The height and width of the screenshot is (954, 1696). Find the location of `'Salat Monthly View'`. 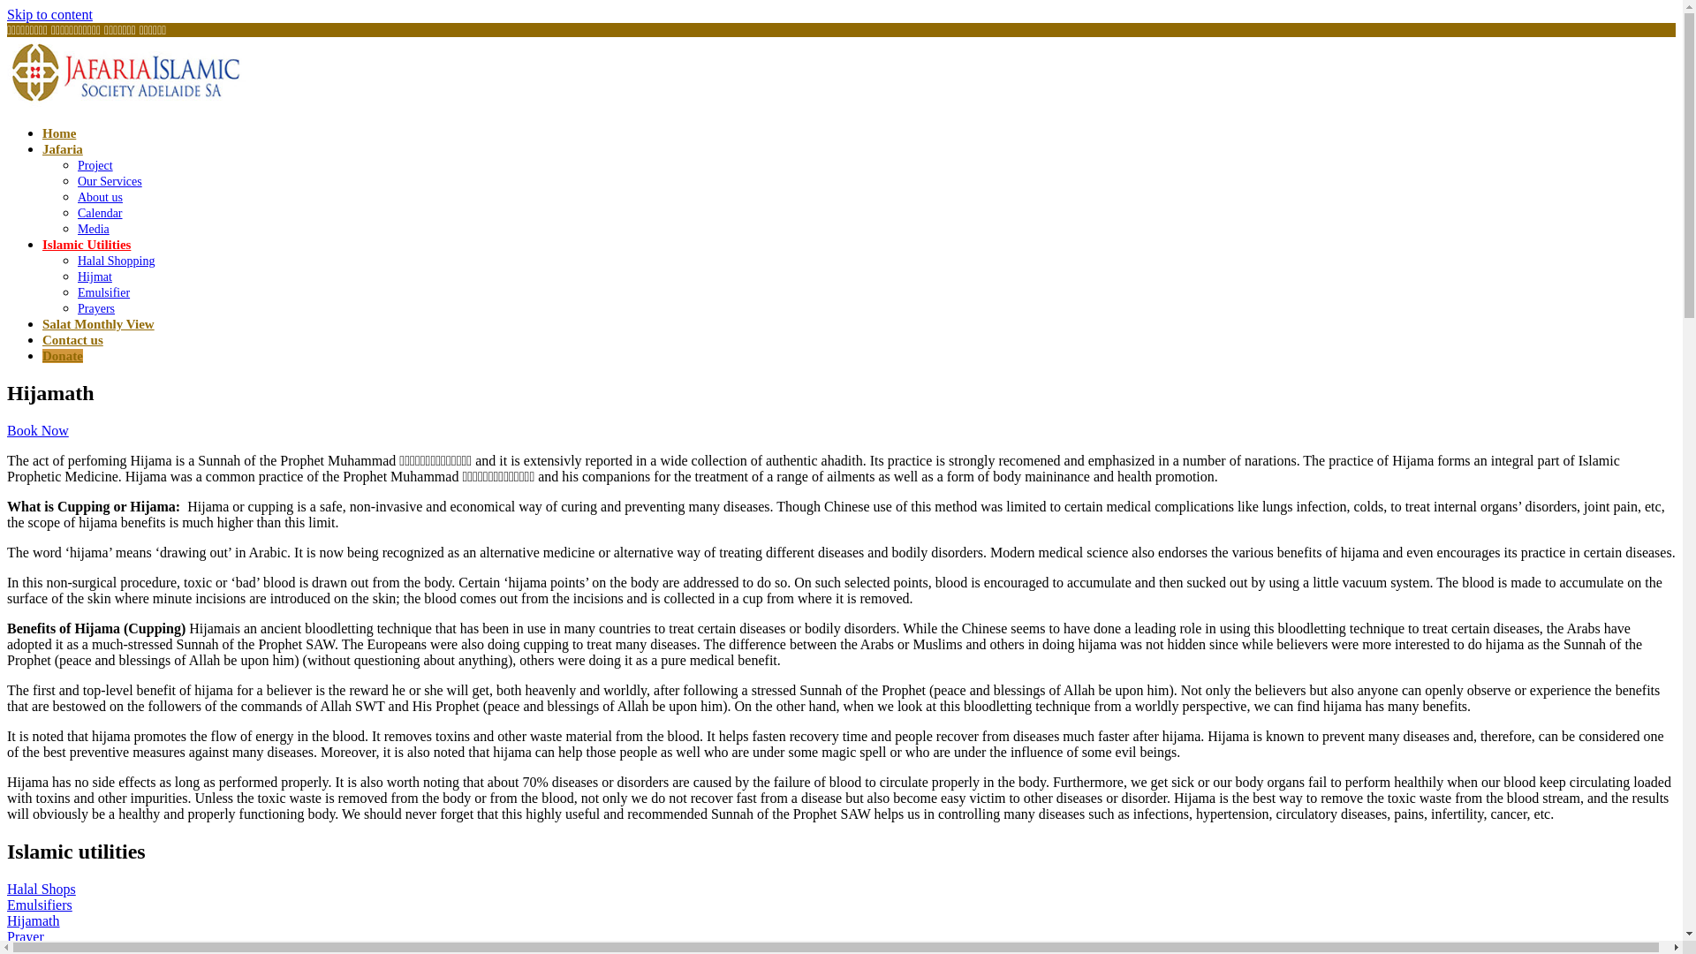

'Salat Monthly View' is located at coordinates (97, 323).